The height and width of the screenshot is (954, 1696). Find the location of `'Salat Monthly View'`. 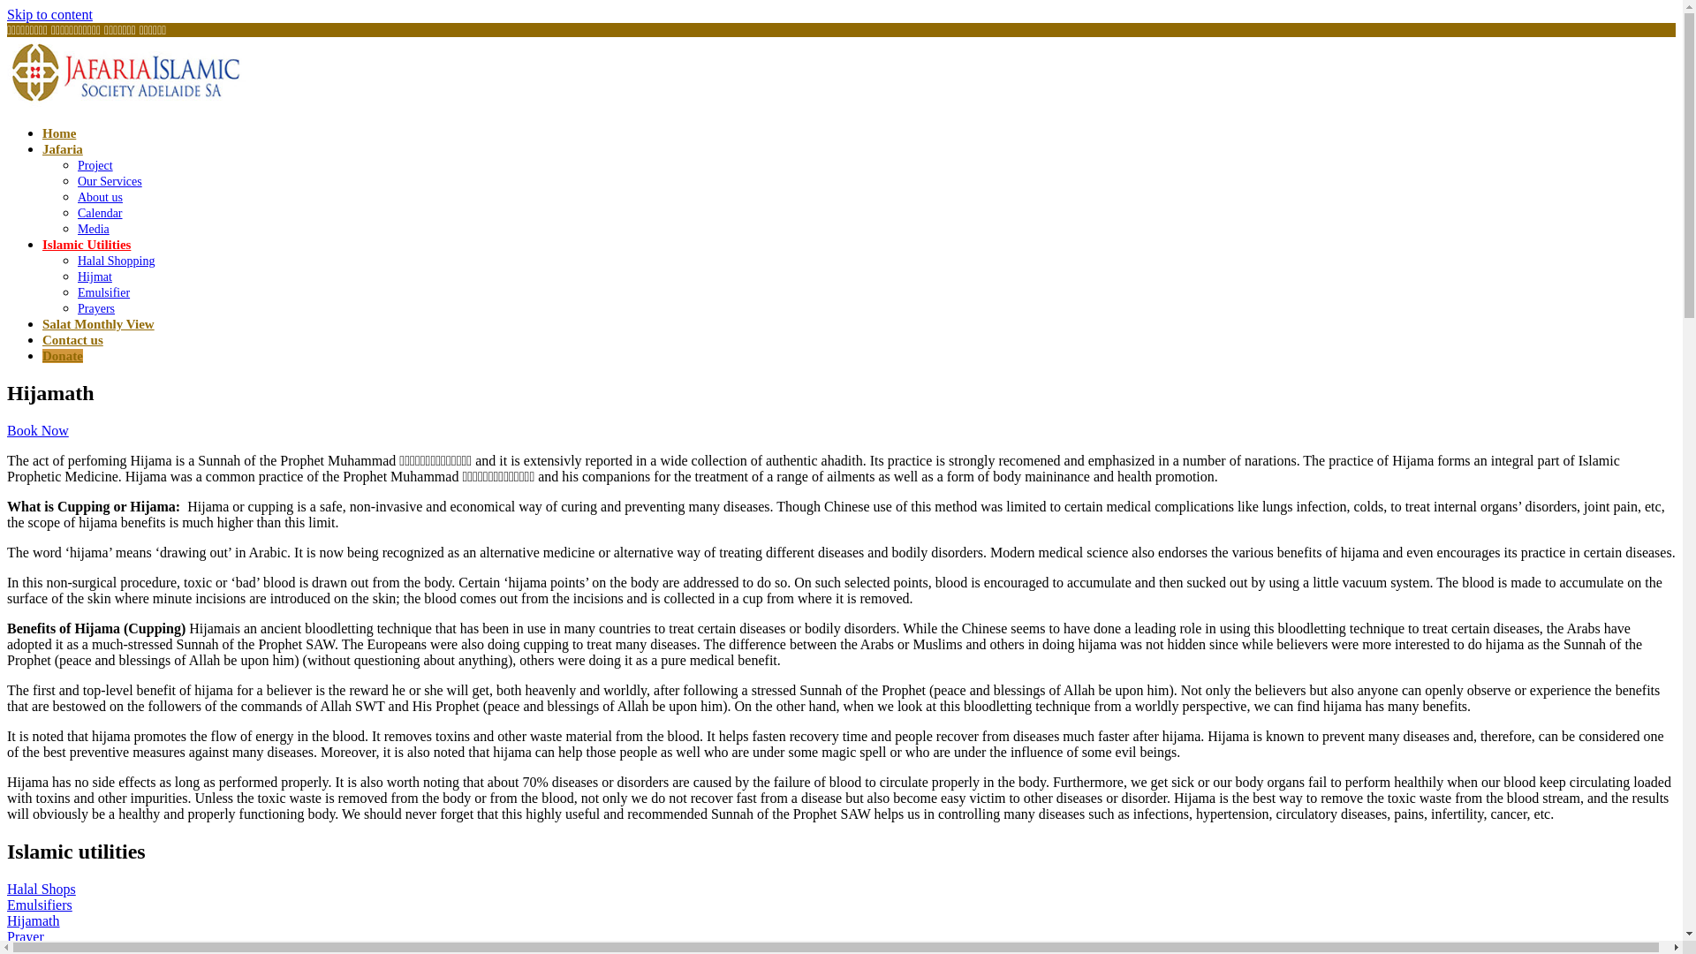

'Salat Monthly View' is located at coordinates (97, 323).